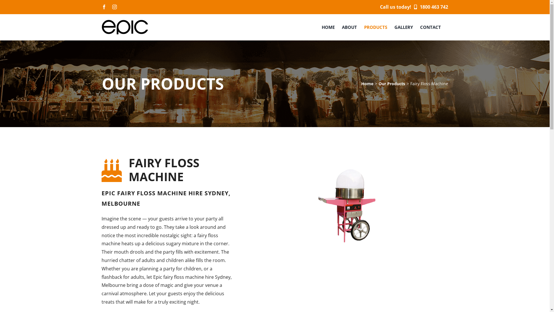 The width and height of the screenshot is (554, 312). Describe the element at coordinates (328, 27) in the screenshot. I see `'HOME'` at that location.